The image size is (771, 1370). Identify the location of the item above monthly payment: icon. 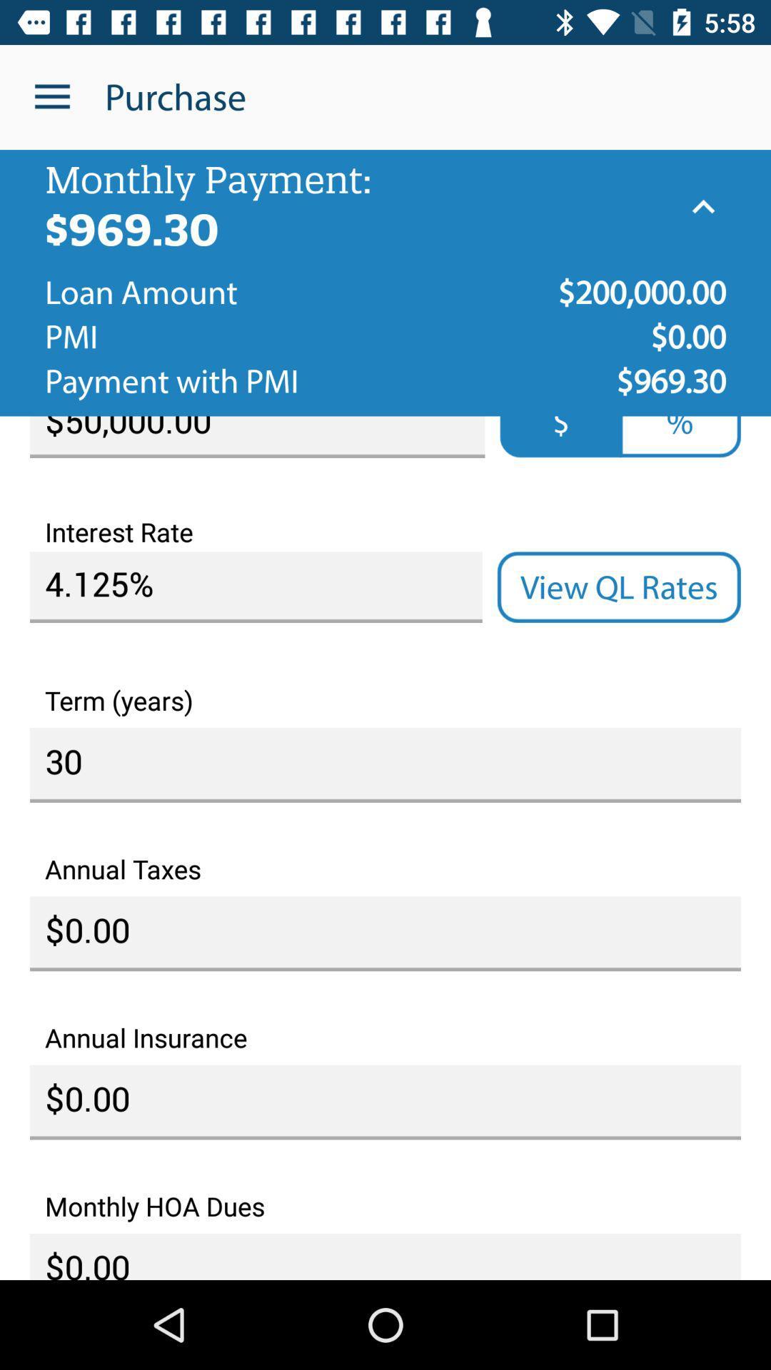
(51, 96).